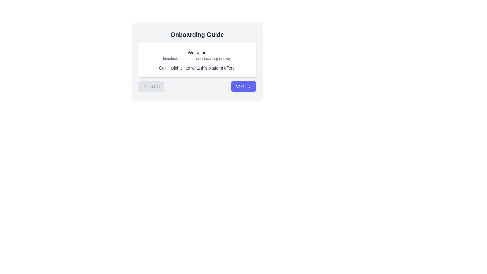 The width and height of the screenshot is (487, 274). What do you see at coordinates (145, 86) in the screenshot?
I see `the navigation icon located inside the 'Back' button to initiate backward navigation` at bounding box center [145, 86].